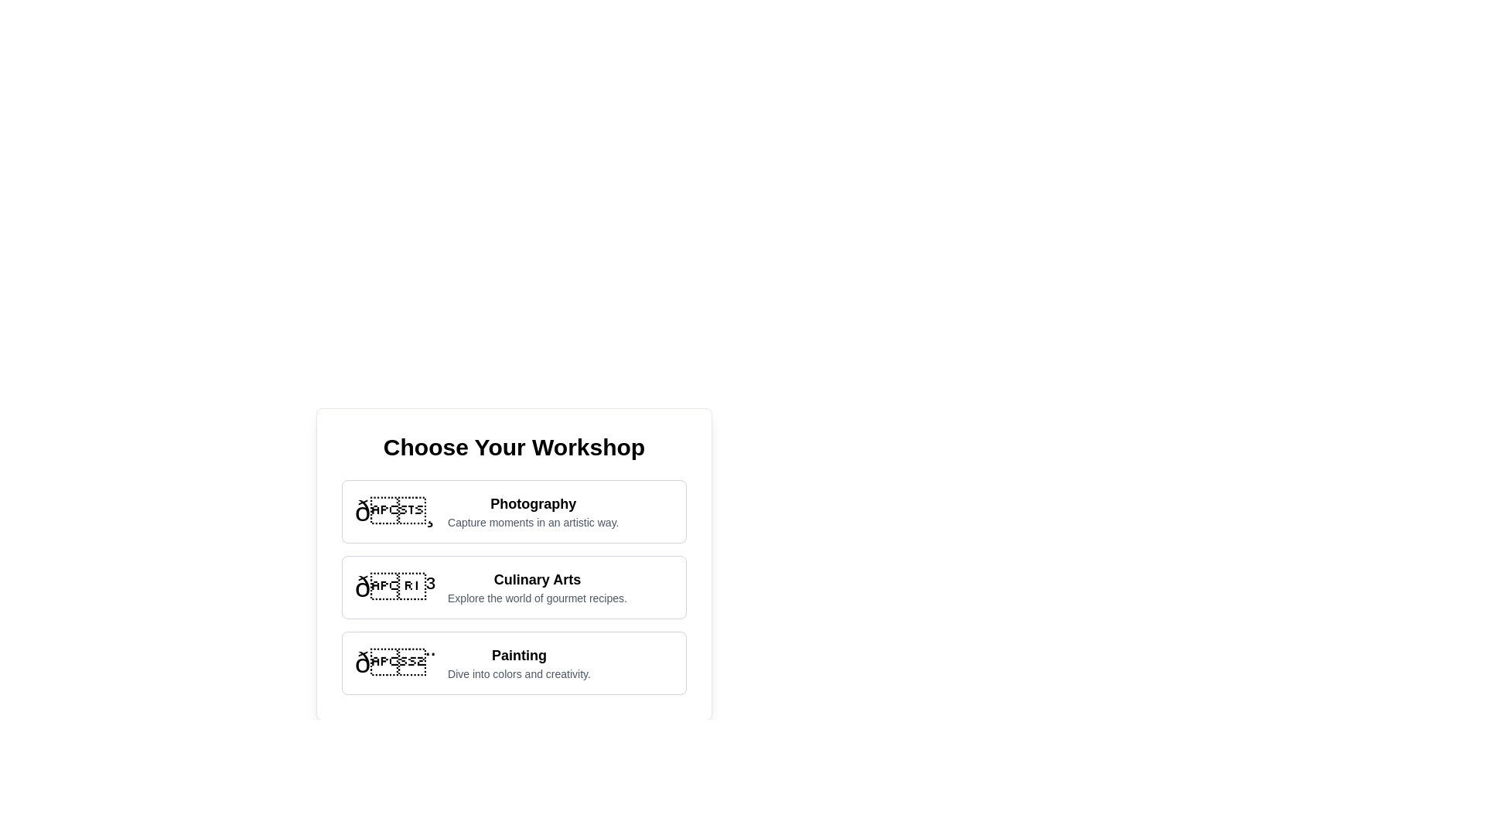  I want to click on the Text Block that presents the option for culinary workshops, located beneath the 'Photography' option and above the 'Painting' option on the second row, so click(538, 587).